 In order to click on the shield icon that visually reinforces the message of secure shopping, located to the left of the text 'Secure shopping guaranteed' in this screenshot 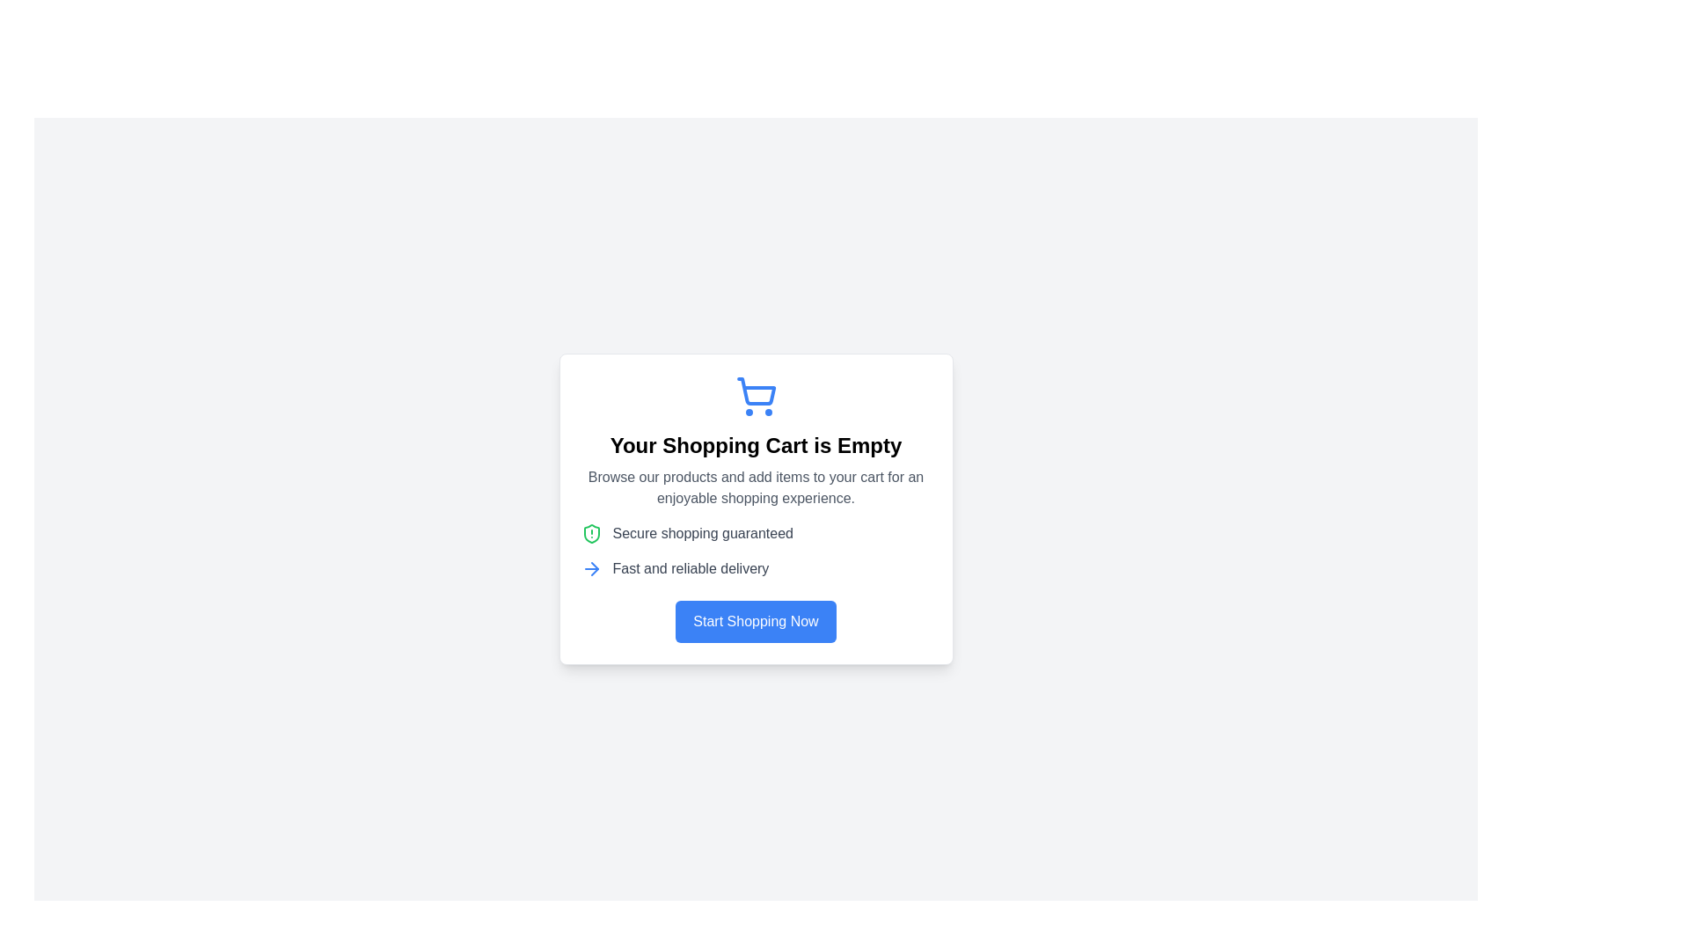, I will do `click(591, 532)`.